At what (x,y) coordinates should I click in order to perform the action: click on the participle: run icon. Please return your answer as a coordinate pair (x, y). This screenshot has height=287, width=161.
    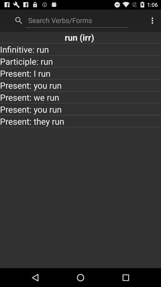
    Looking at the image, I should click on (80, 61).